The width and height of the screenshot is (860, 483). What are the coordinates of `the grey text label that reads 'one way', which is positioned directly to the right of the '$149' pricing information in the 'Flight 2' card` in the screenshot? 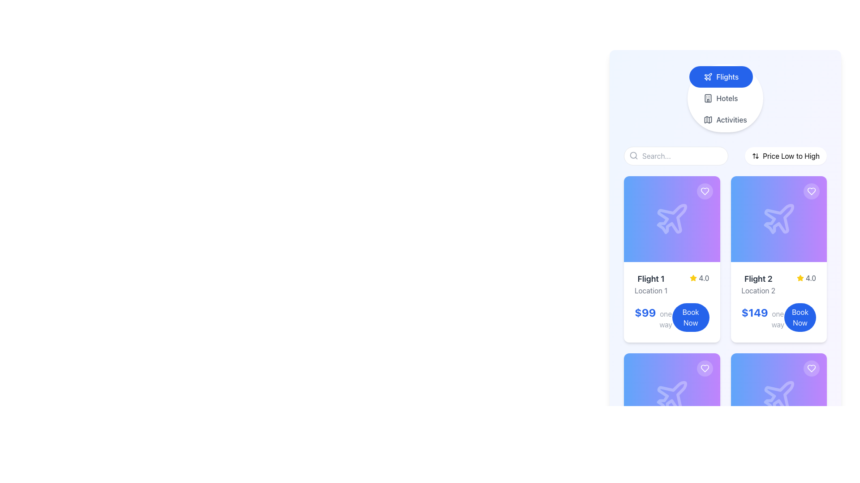 It's located at (777, 318).